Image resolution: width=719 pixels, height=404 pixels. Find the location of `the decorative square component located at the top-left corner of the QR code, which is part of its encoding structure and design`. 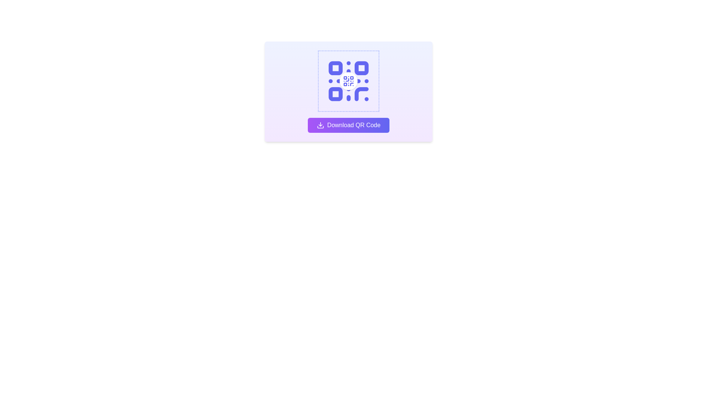

the decorative square component located at the top-left corner of the QR code, which is part of its encoding structure and design is located at coordinates (335, 68).